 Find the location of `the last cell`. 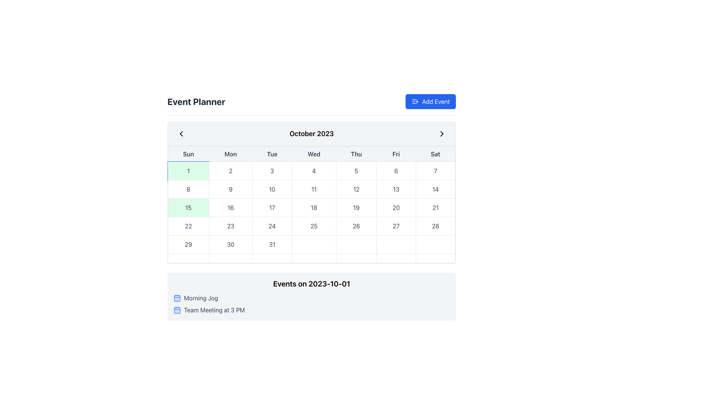

the last cell is located at coordinates (435, 244).